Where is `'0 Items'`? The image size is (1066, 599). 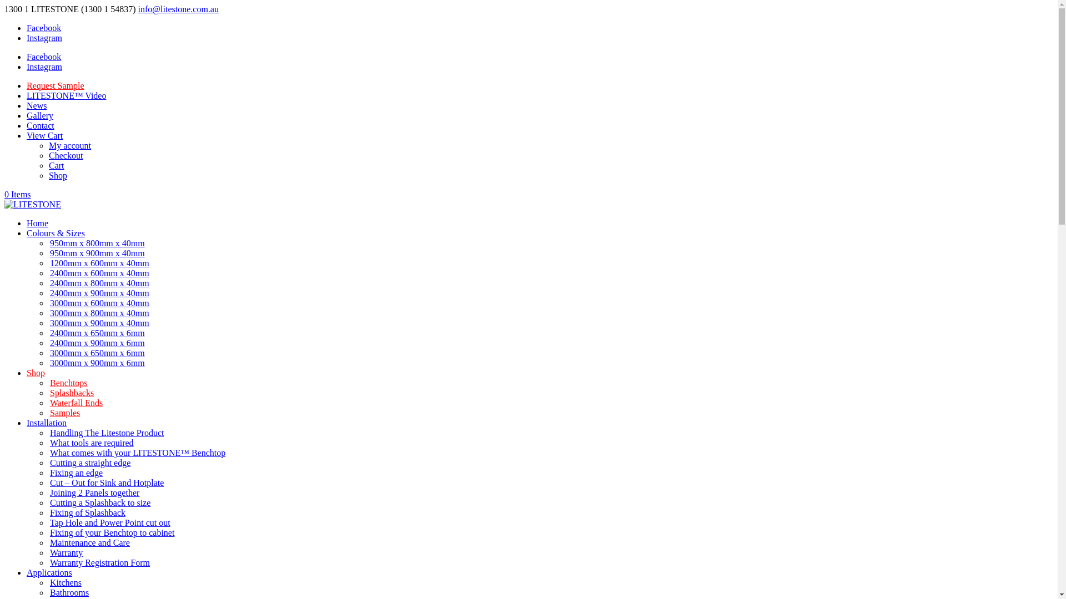 '0 Items' is located at coordinates (4, 194).